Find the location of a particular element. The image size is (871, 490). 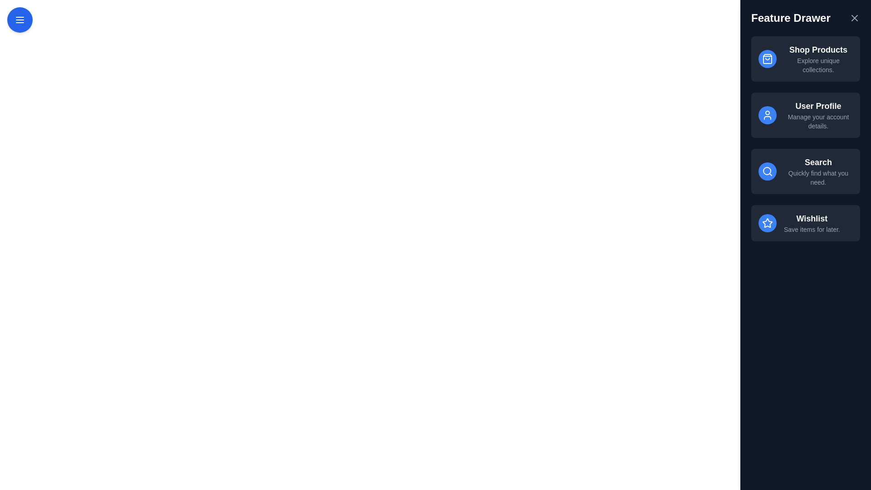

toggle button at the top-left corner to close the drawer is located at coordinates (20, 20).